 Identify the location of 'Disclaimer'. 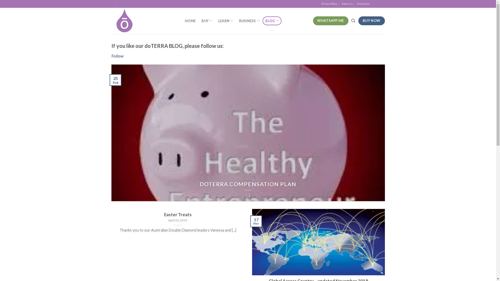
(363, 4).